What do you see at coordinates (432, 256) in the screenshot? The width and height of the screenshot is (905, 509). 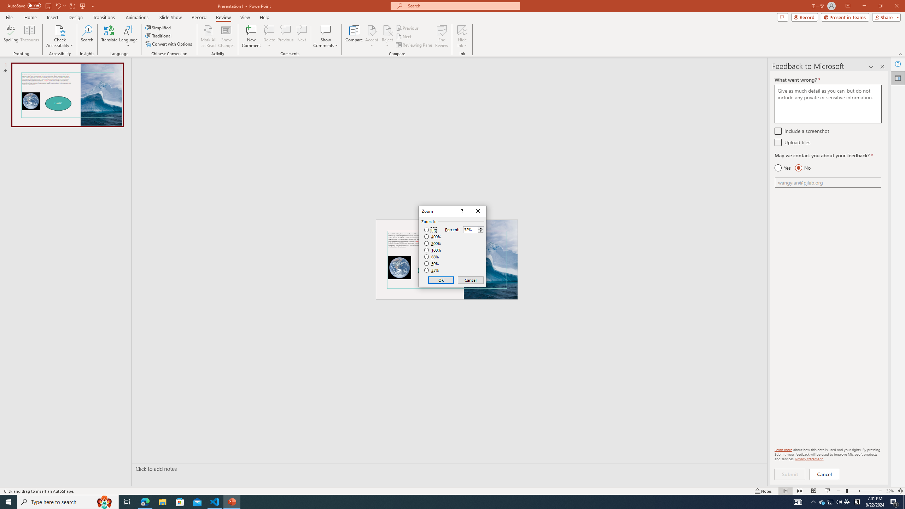 I see `'66%'` at bounding box center [432, 256].